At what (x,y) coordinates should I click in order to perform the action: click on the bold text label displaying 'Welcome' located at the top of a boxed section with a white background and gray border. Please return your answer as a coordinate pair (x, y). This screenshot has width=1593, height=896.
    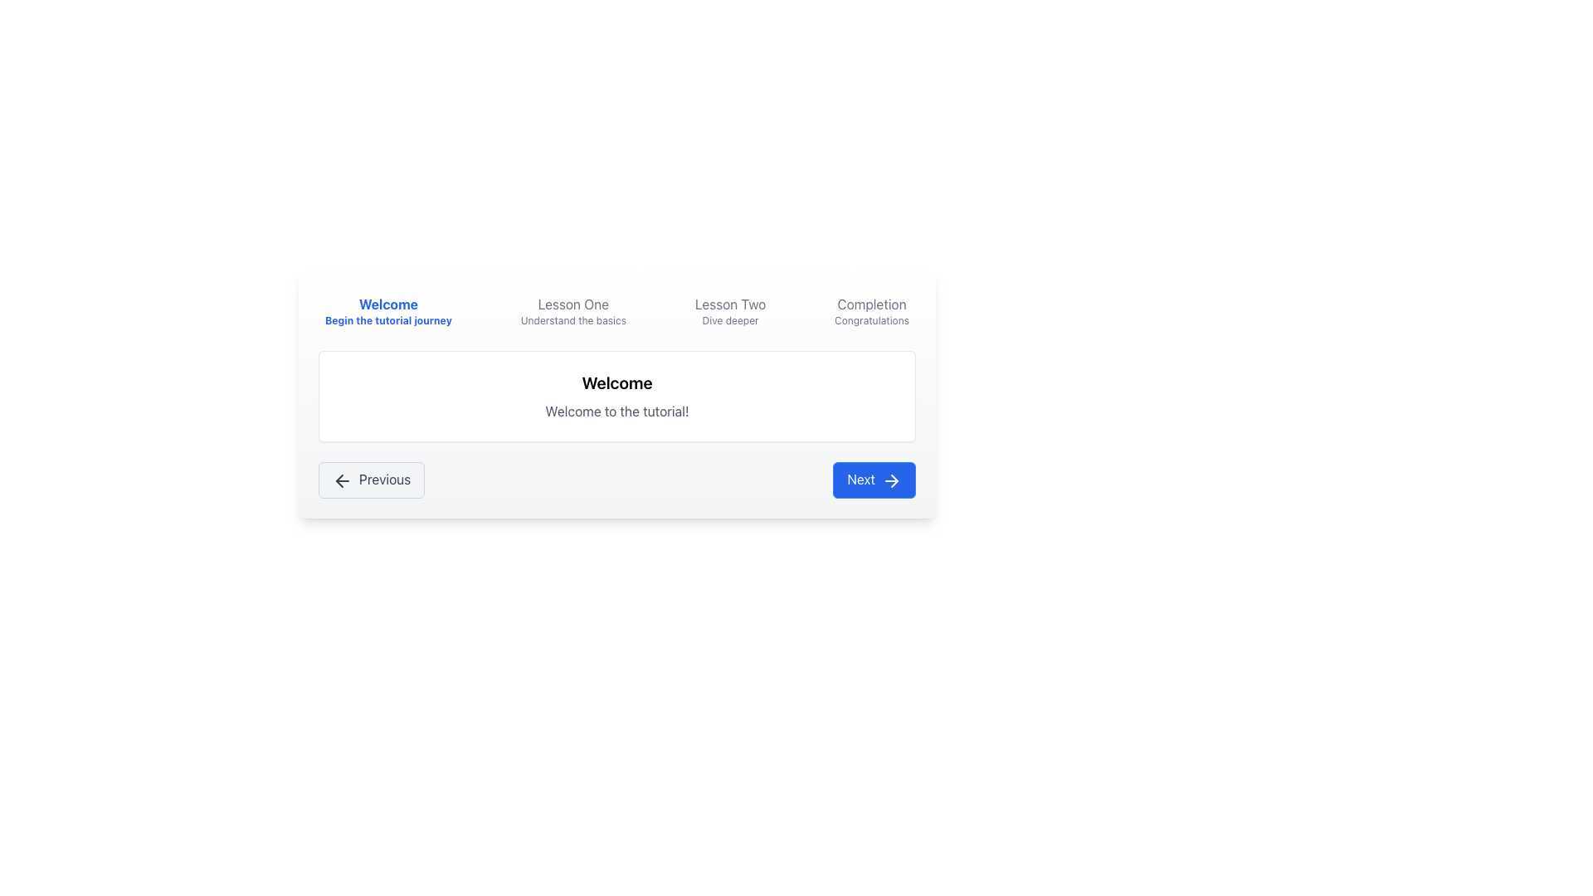
    Looking at the image, I should click on (616, 383).